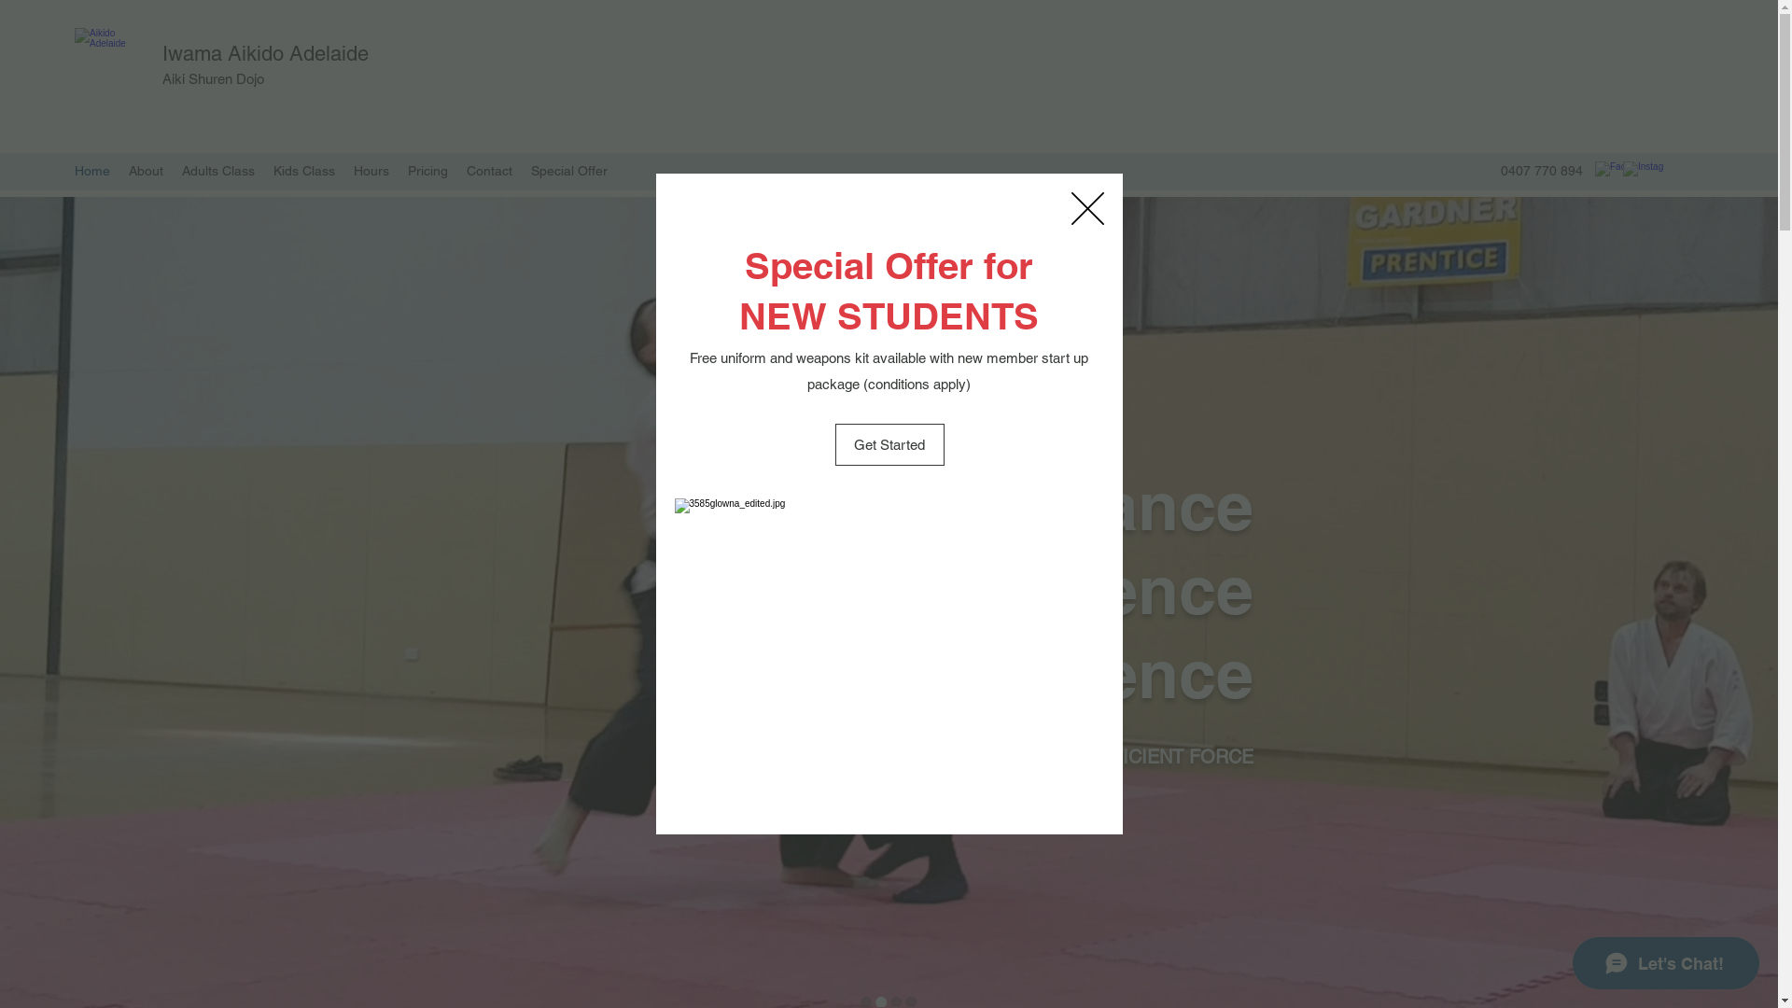  What do you see at coordinates (304, 170) in the screenshot?
I see `'Kids Class'` at bounding box center [304, 170].